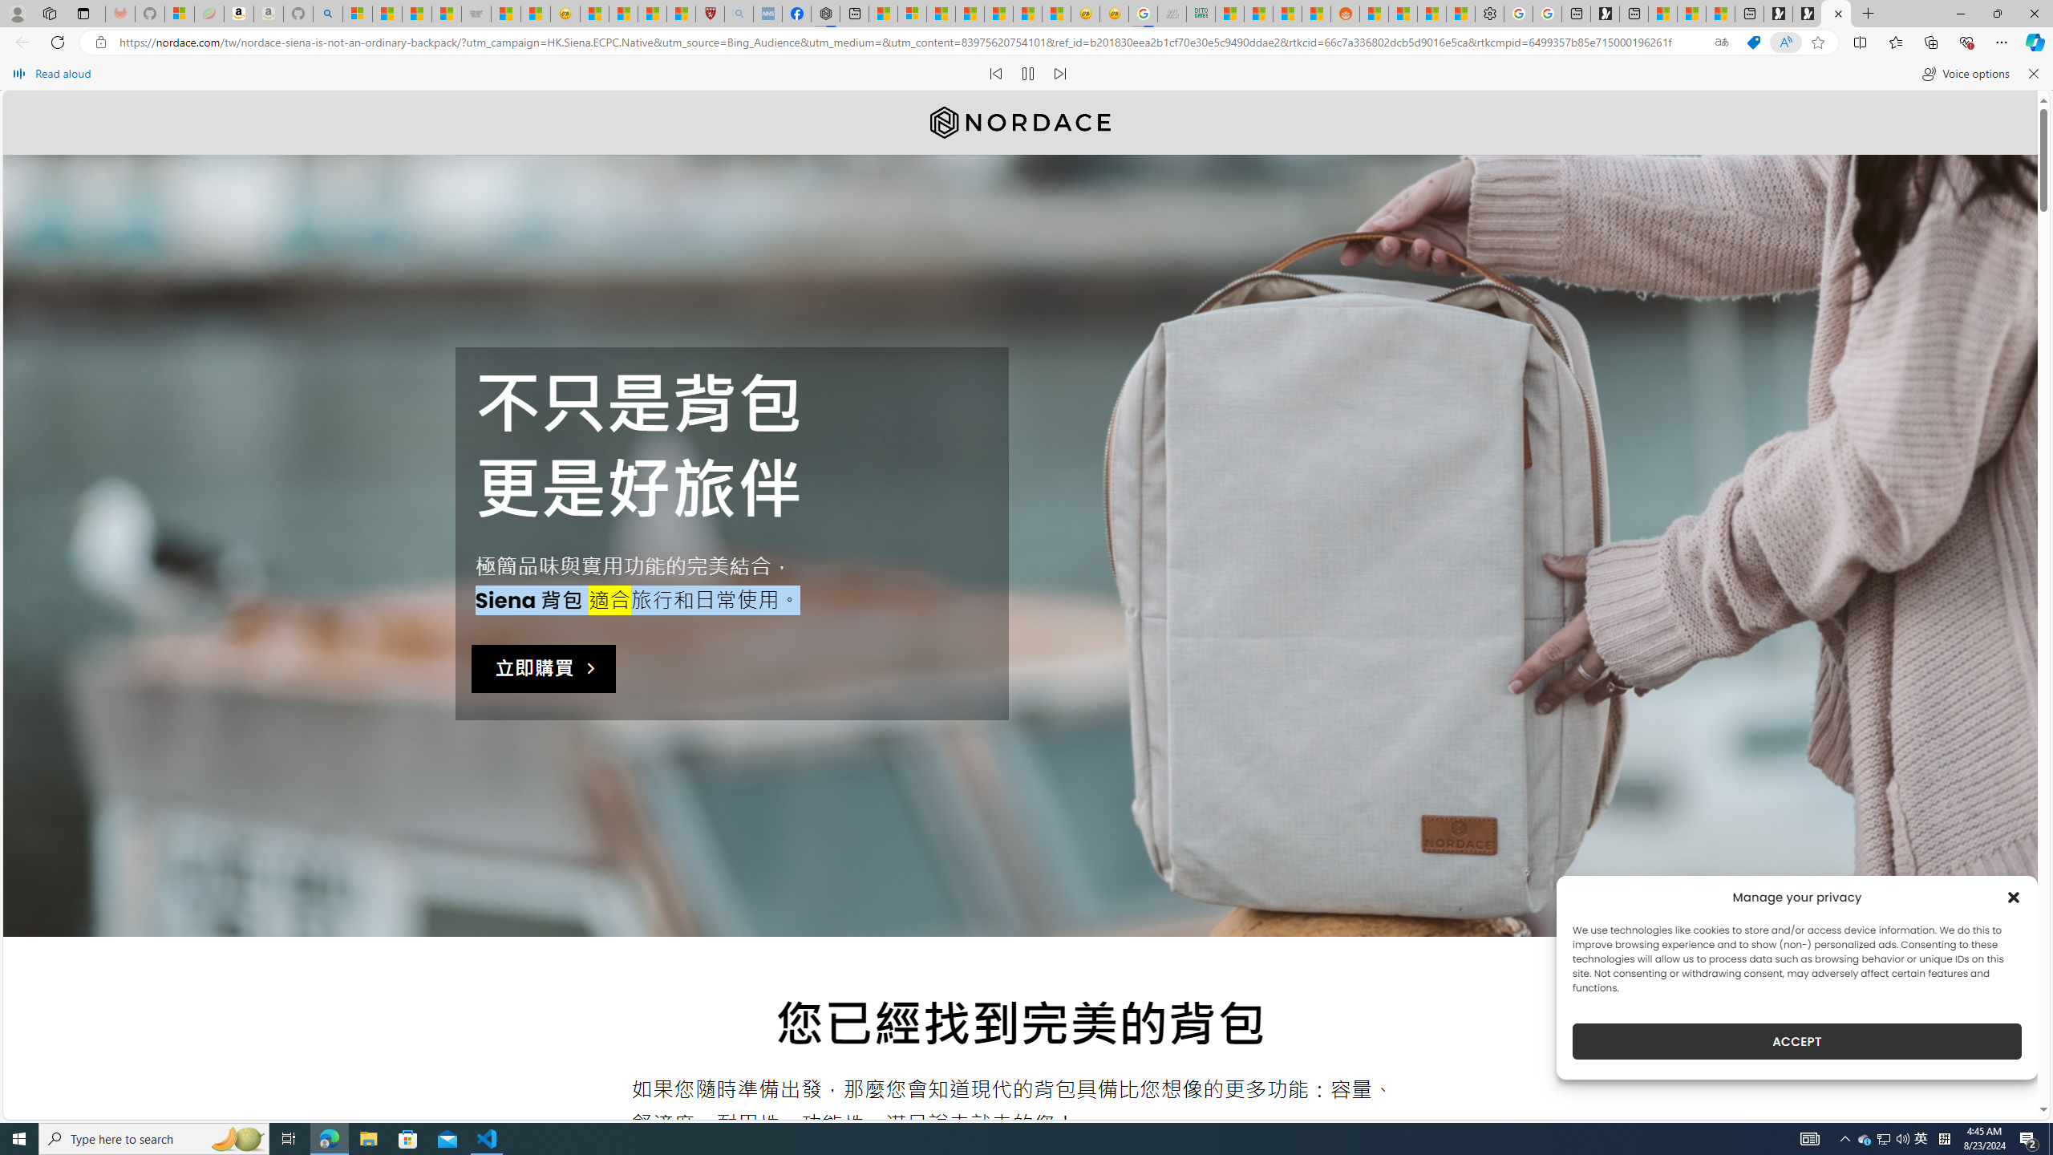 This screenshot has width=2053, height=1155. Describe the element at coordinates (180, 13) in the screenshot. I see `'Microsoft-Report a Concern to Bing'` at that location.